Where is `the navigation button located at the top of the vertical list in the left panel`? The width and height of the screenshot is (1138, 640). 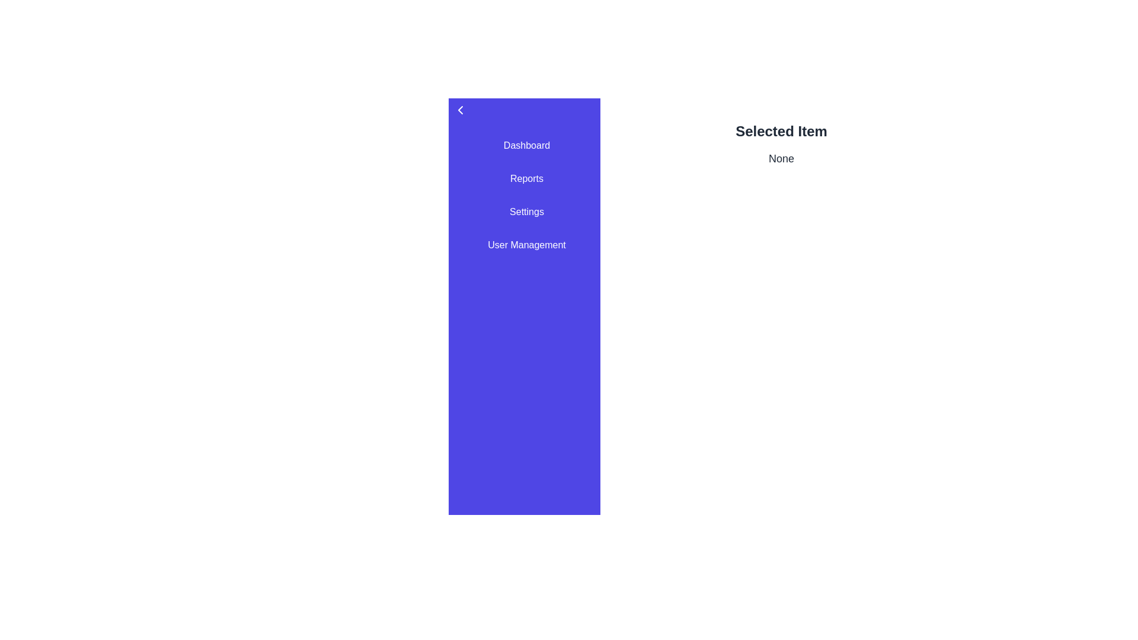 the navigation button located at the top of the vertical list in the left panel is located at coordinates (526, 145).